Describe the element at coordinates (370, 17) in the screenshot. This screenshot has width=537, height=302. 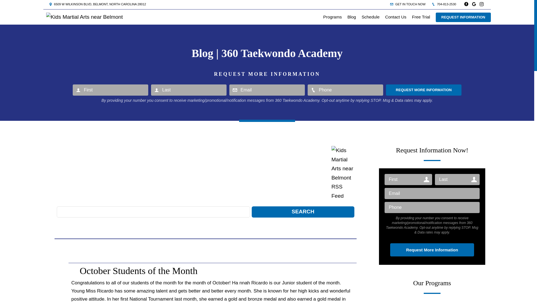
I see `'Schedule'` at that location.